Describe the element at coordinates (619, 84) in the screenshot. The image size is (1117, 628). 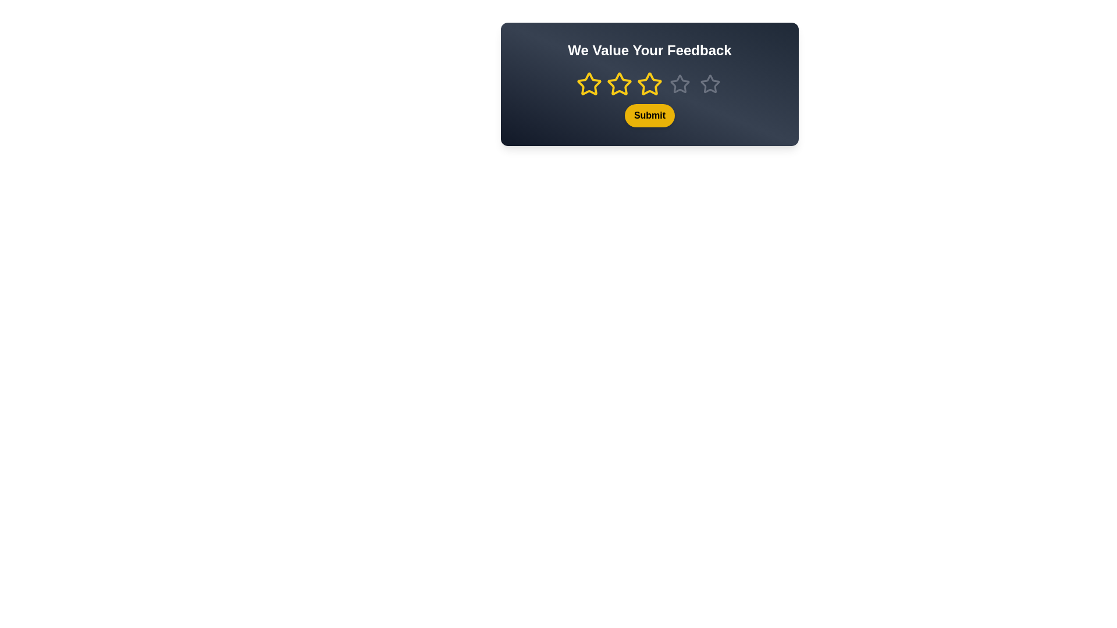
I see `the second star-shaped rating icon with a yellow outline` at that location.